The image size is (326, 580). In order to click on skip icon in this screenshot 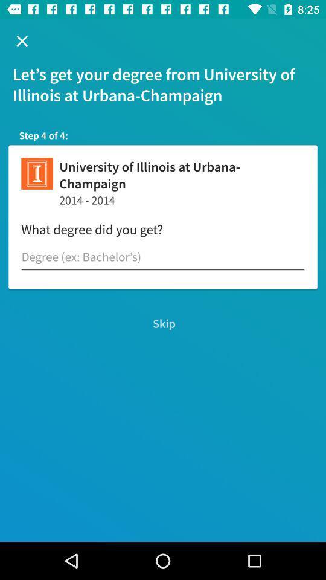, I will do `click(163, 323)`.